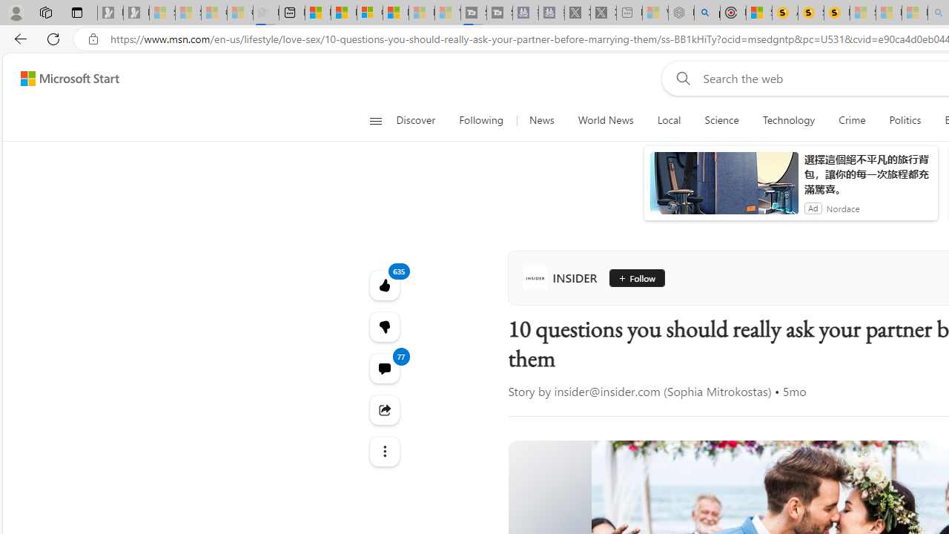 Image resolution: width=949 pixels, height=534 pixels. I want to click on 'Newsletter Sign Up - Sleeping', so click(136, 13).